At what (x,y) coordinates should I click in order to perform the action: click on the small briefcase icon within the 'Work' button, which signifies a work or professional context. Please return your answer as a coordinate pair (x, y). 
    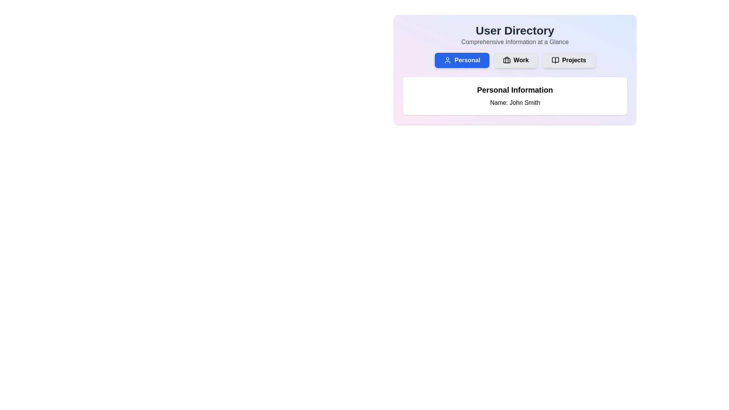
    Looking at the image, I should click on (507, 60).